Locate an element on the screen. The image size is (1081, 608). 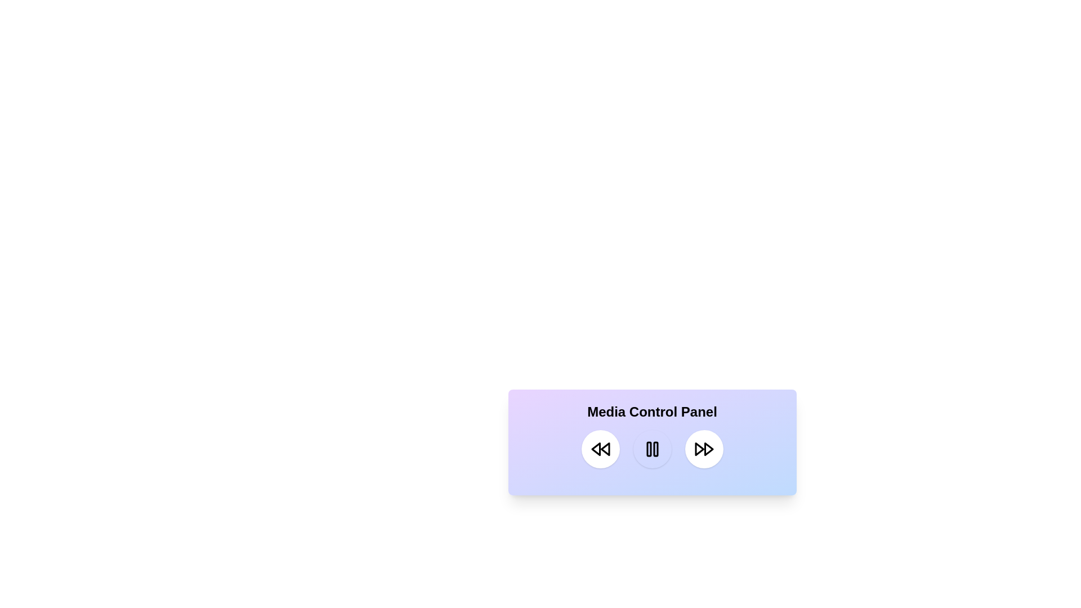
the second triangular fast-forward icon, which is located on the far right side of the media control panel, to the right of the central pause button is located at coordinates (699, 449).